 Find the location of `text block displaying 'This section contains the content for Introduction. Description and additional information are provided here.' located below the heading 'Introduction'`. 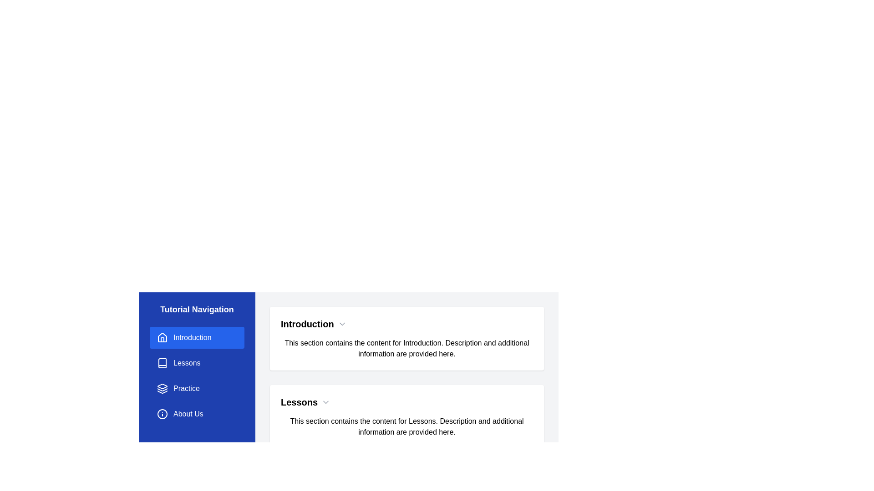

text block displaying 'This section contains the content for Introduction. Description and additional information are provided here.' located below the heading 'Introduction' is located at coordinates (406, 348).